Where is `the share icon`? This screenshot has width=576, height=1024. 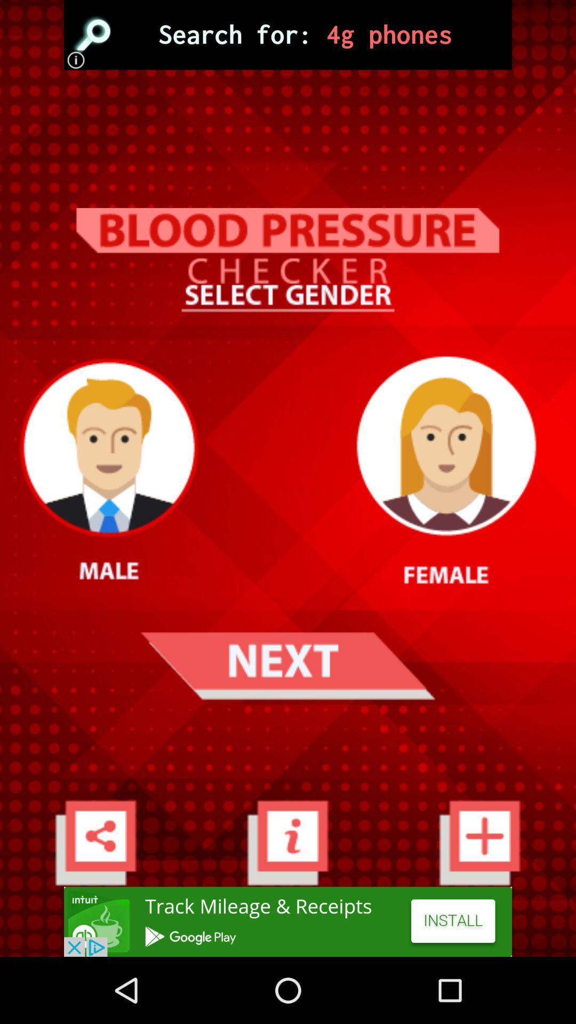
the share icon is located at coordinates (95, 901).